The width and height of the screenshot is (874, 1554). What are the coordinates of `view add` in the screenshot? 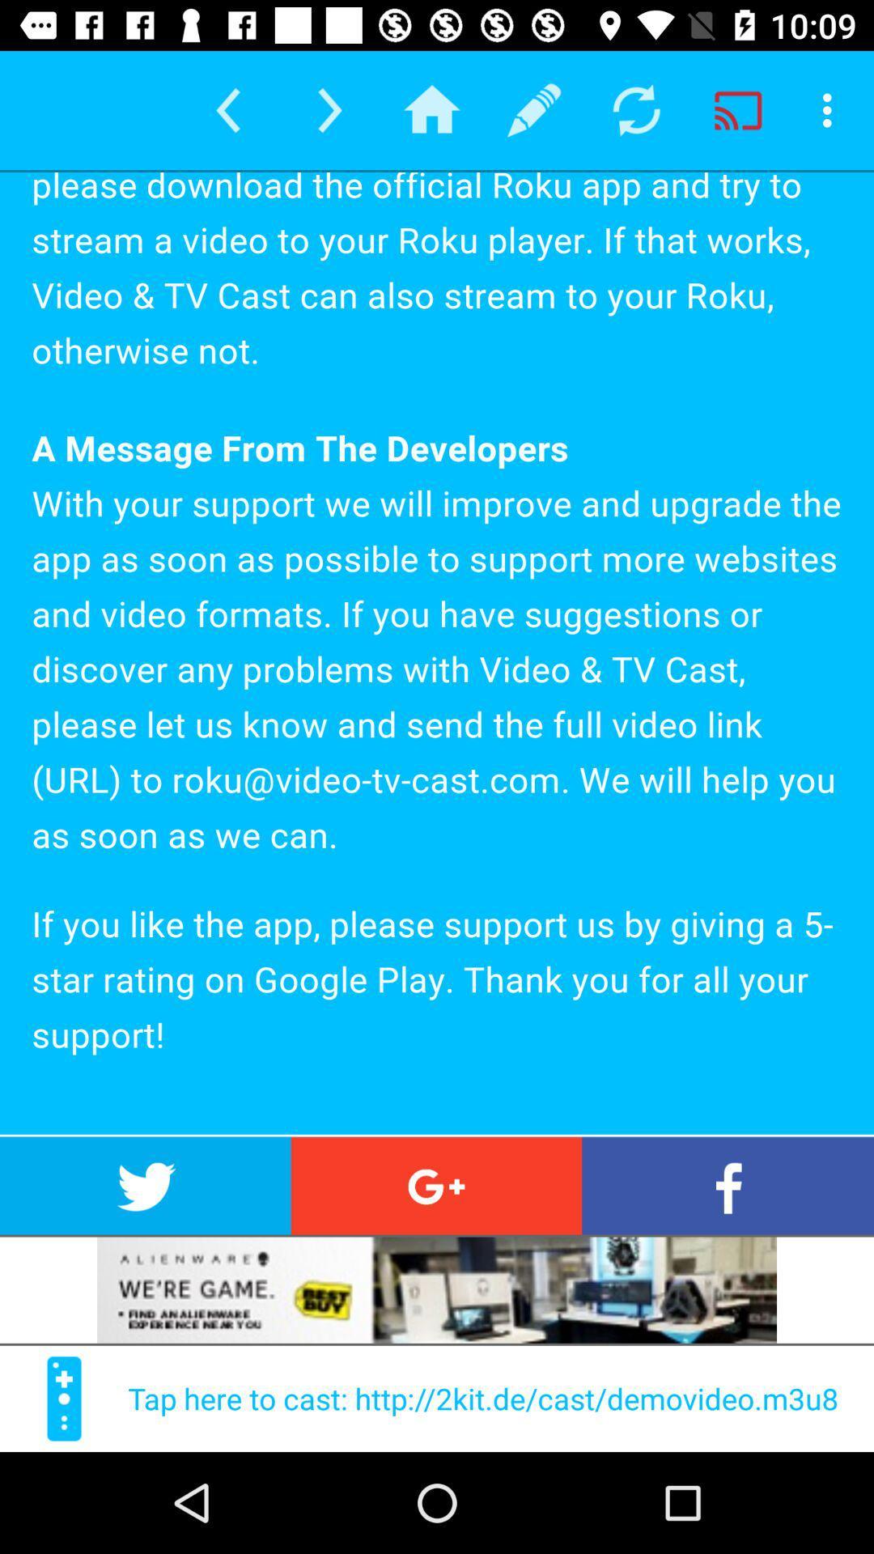 It's located at (437, 1289).